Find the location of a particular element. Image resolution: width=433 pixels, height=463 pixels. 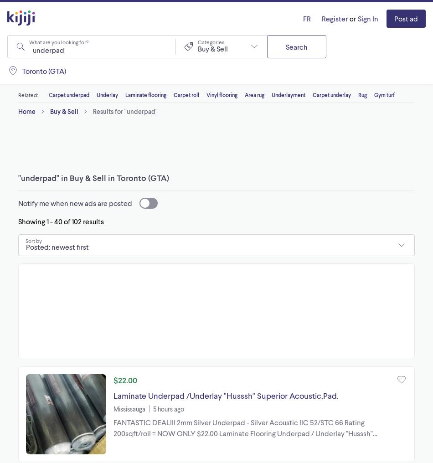

'"underpad" in Buy & Sell in Toronto (GTA)' is located at coordinates (93, 177).